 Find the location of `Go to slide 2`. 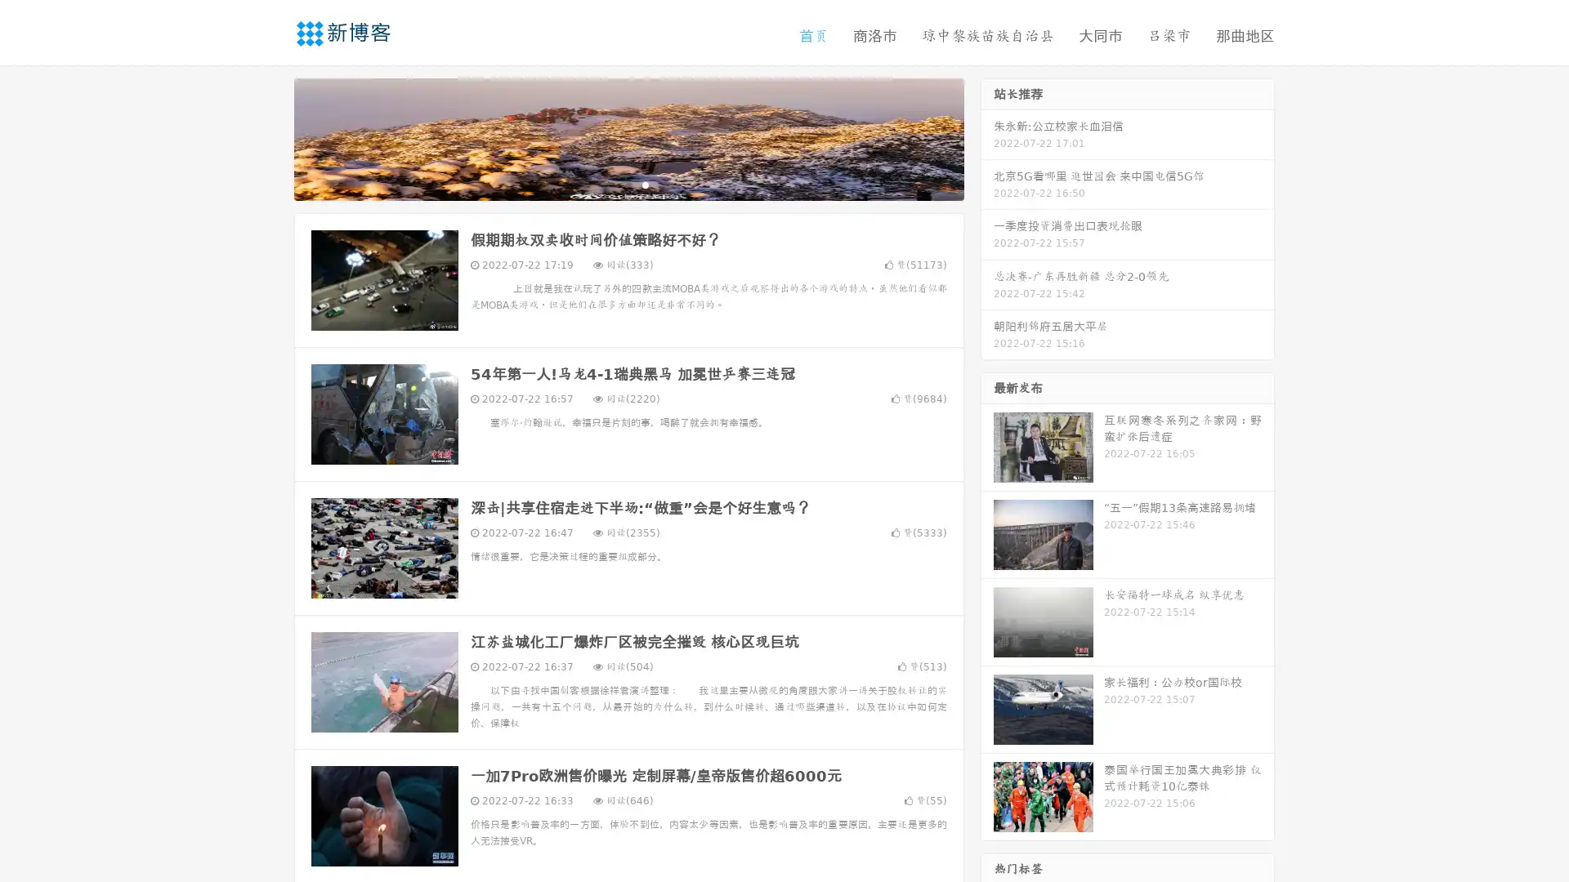

Go to slide 2 is located at coordinates (628, 184).